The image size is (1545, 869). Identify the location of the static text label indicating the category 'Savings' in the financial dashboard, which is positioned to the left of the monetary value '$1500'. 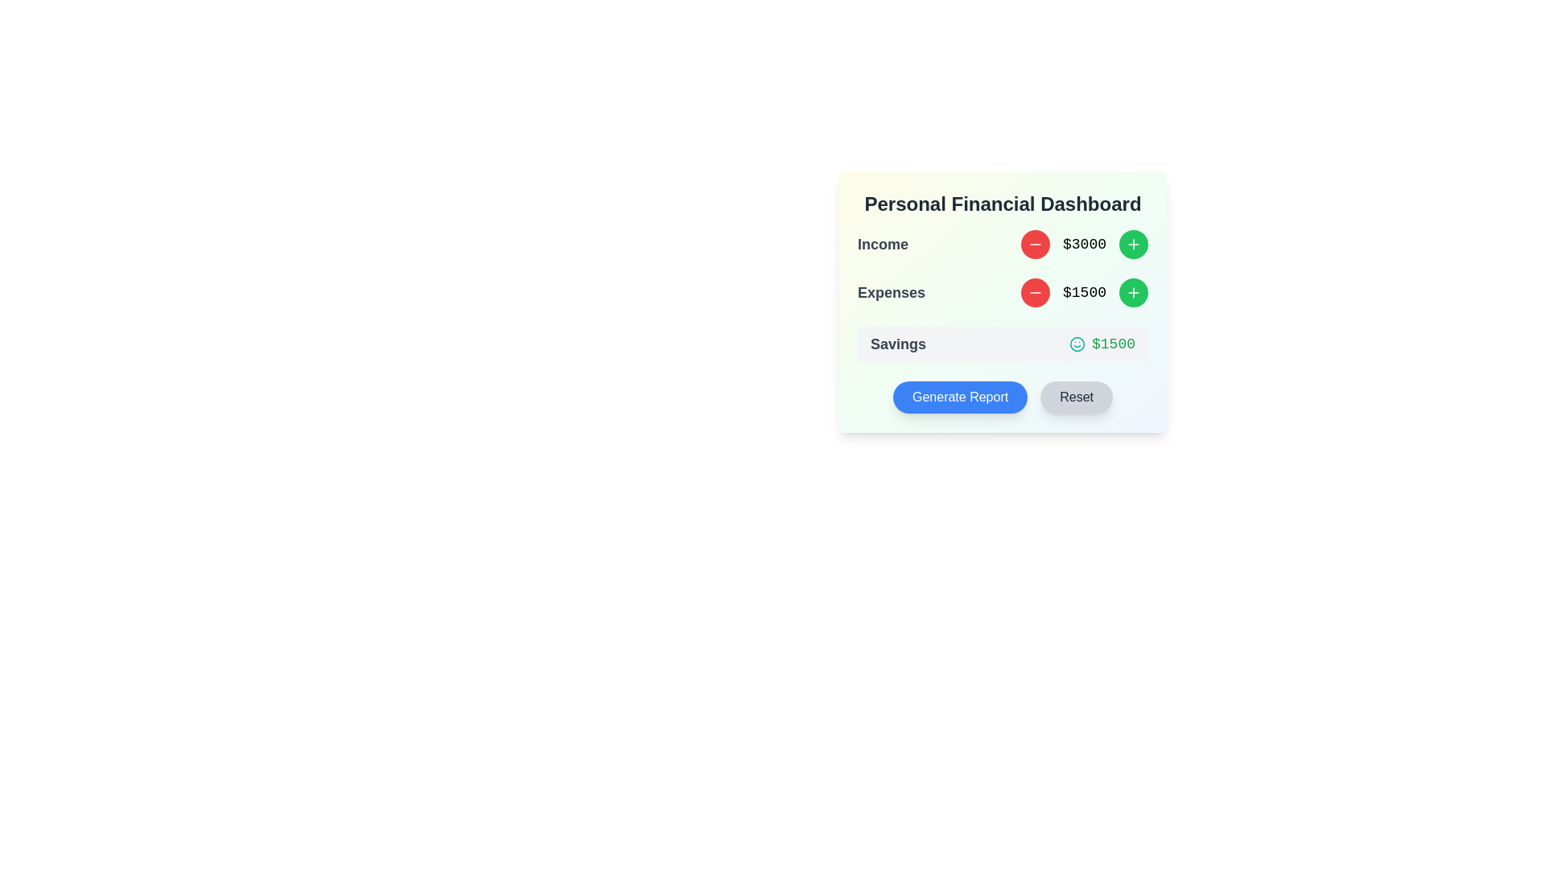
(897, 344).